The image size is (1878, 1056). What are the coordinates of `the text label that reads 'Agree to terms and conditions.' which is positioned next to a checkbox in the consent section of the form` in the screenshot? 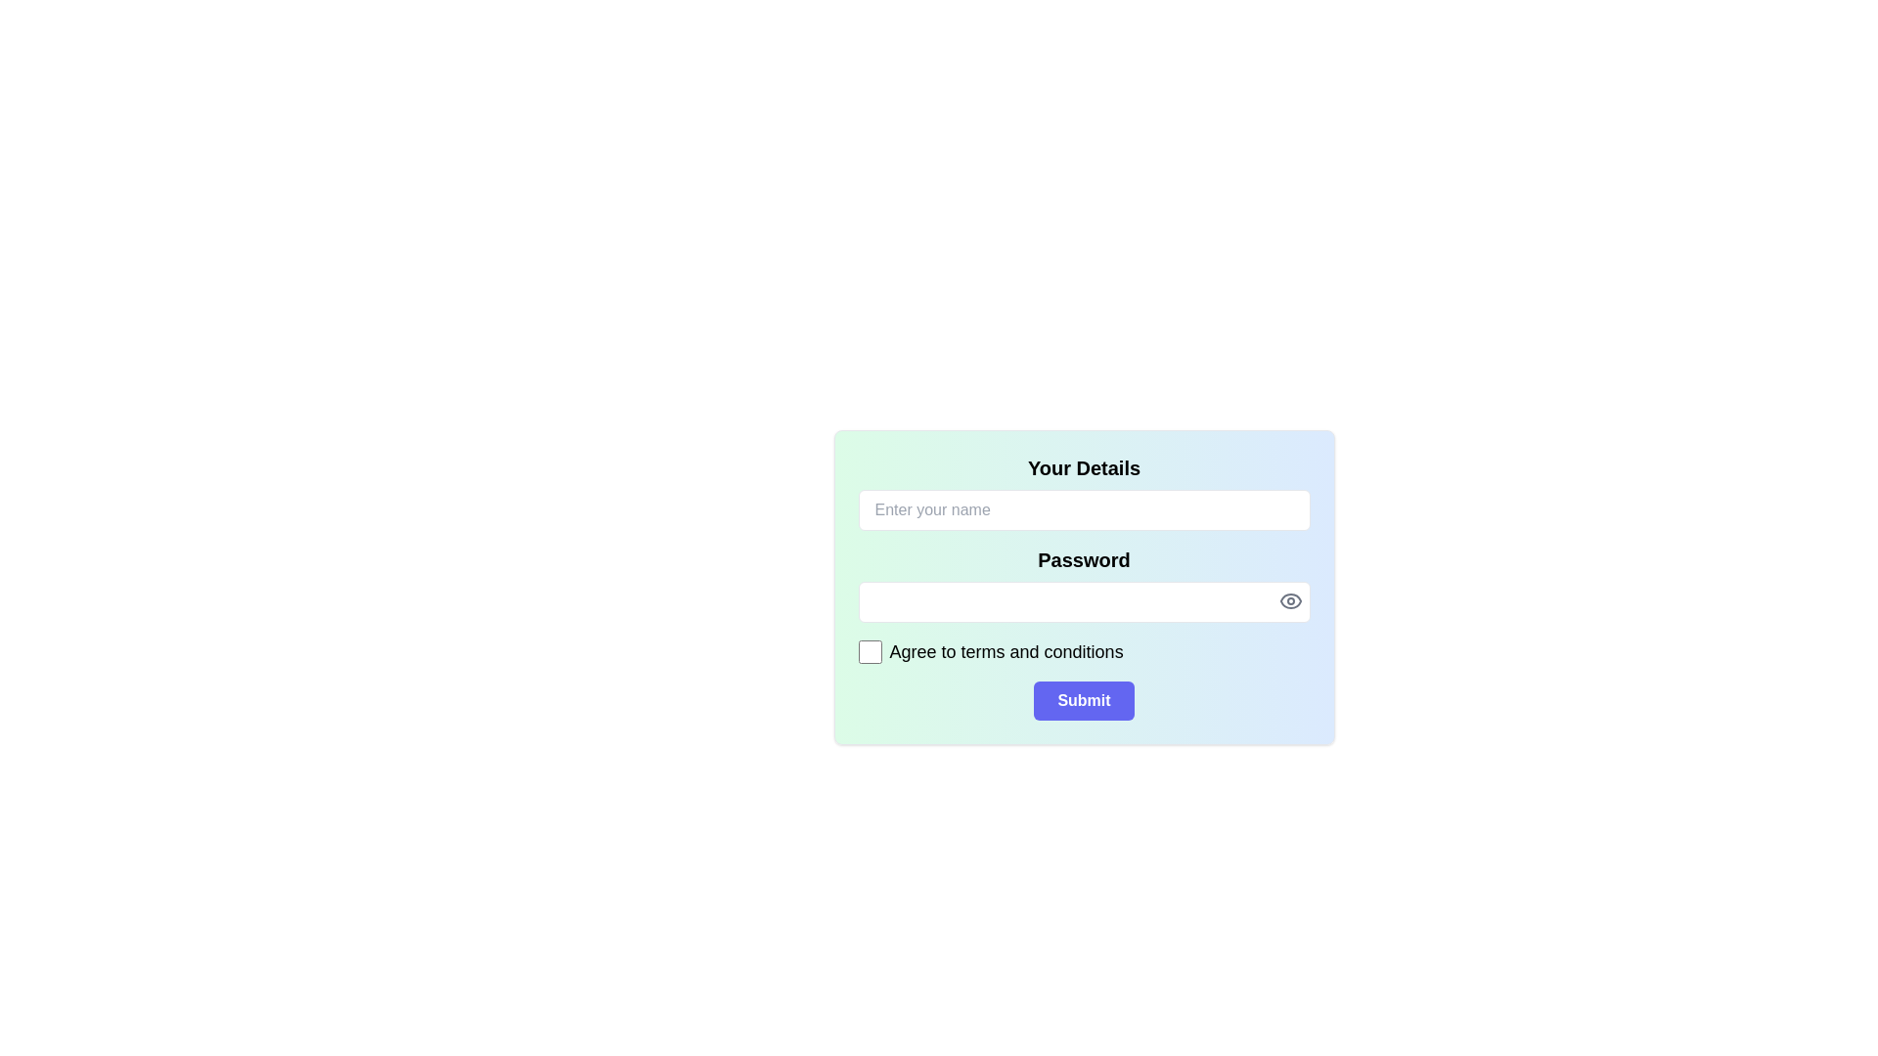 It's located at (1006, 652).